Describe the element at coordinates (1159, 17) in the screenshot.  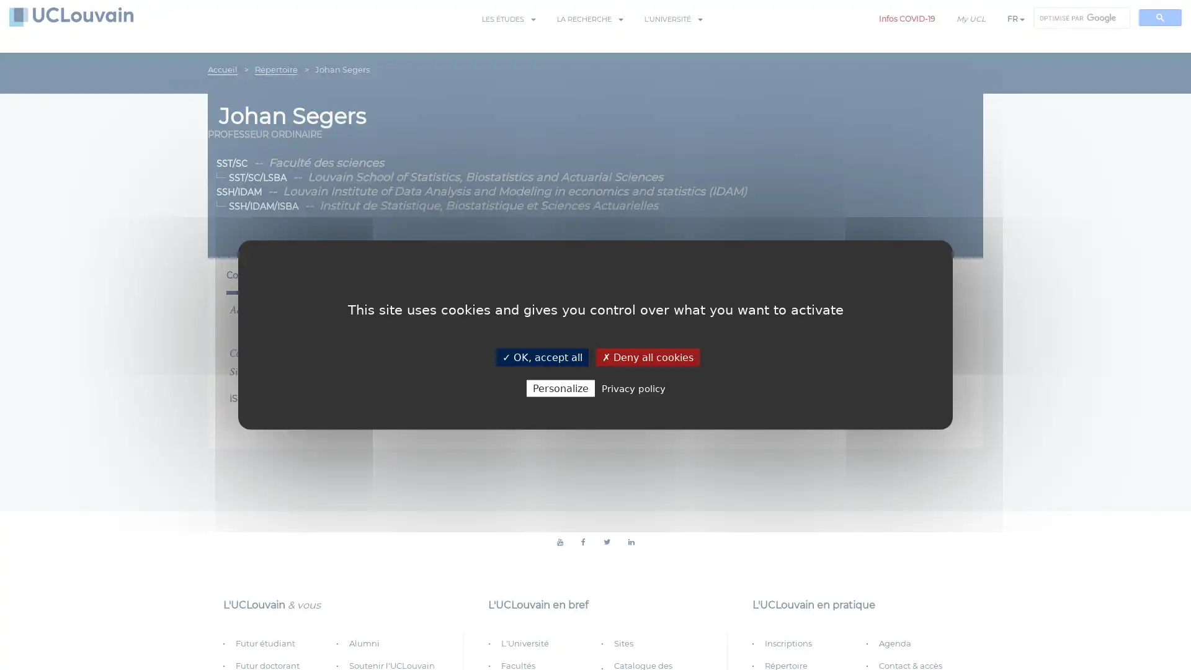
I see `rechercher` at that location.